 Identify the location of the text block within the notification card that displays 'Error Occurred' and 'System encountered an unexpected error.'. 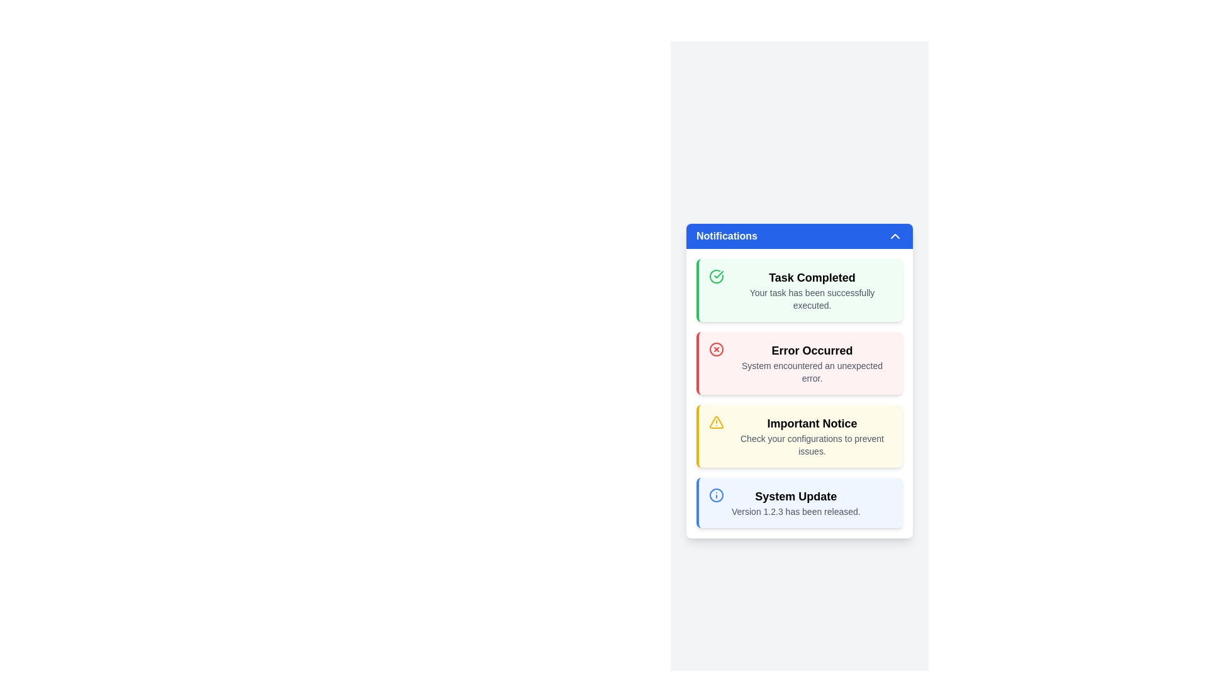
(812, 363).